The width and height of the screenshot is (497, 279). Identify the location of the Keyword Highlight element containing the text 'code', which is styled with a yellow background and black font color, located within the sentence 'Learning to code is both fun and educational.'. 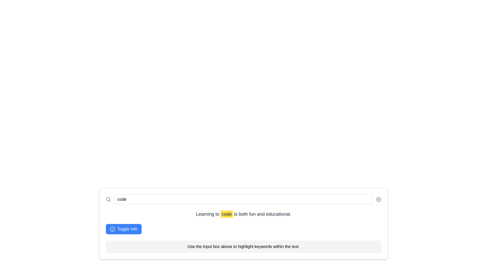
(226, 214).